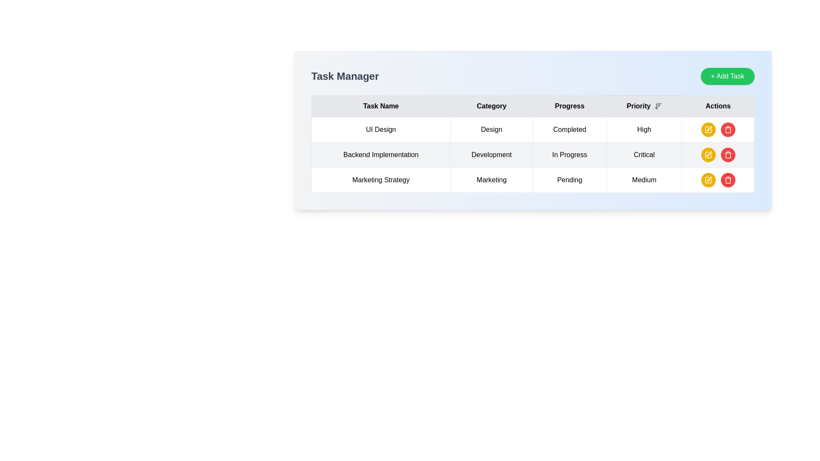 This screenshot has height=461, width=820. What do you see at coordinates (717, 179) in the screenshot?
I see `the yellow button with a pencil icon` at bounding box center [717, 179].